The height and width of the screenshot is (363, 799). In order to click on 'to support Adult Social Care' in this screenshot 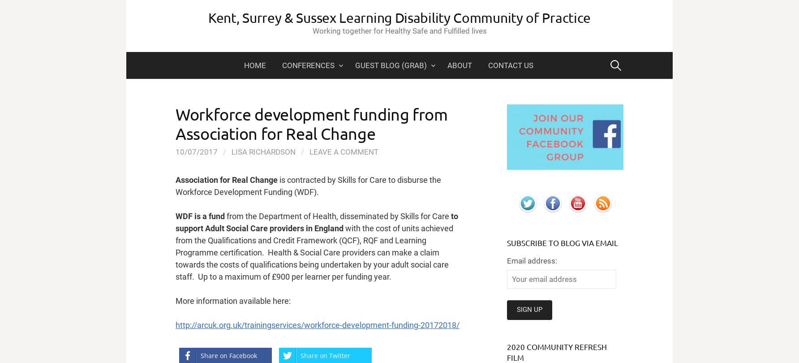, I will do `click(317, 222)`.